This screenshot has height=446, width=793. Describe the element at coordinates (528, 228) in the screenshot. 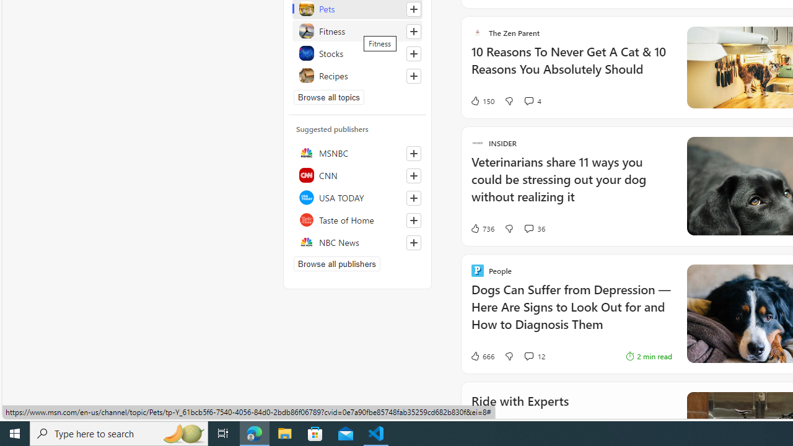

I see `'View comments 36 Comment'` at that location.